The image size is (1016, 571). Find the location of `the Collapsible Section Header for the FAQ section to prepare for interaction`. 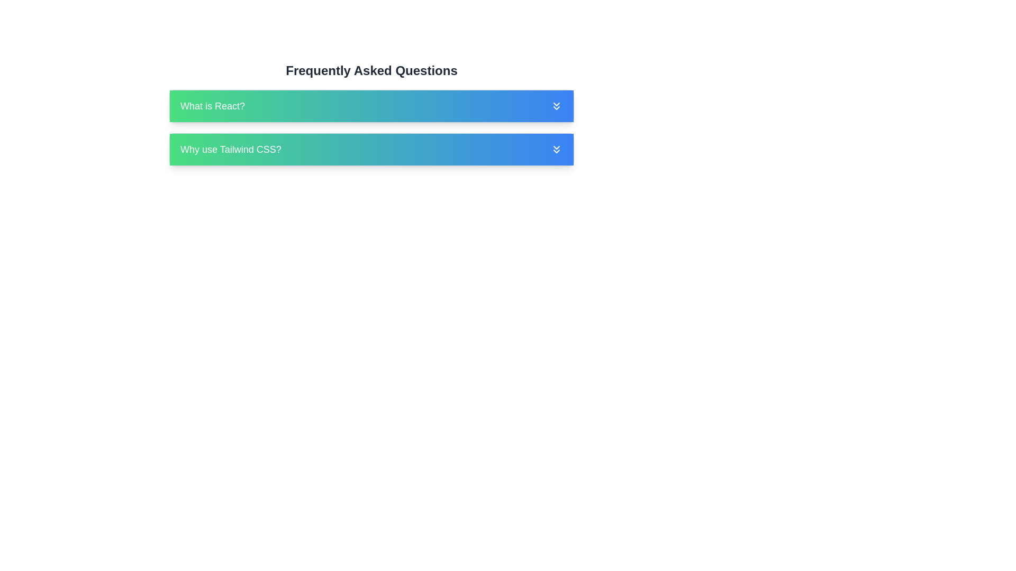

the Collapsible Section Header for the FAQ section to prepare for interaction is located at coordinates (371, 106).